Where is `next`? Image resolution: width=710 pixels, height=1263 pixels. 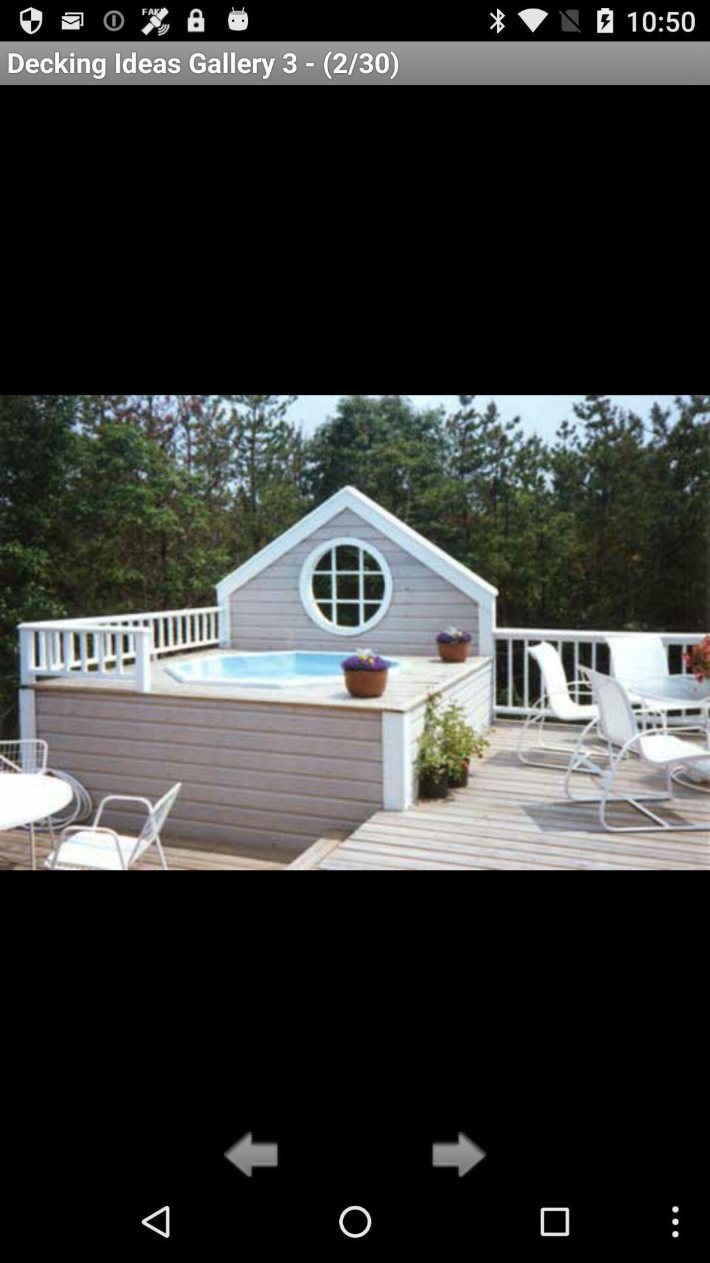 next is located at coordinates (454, 1155).